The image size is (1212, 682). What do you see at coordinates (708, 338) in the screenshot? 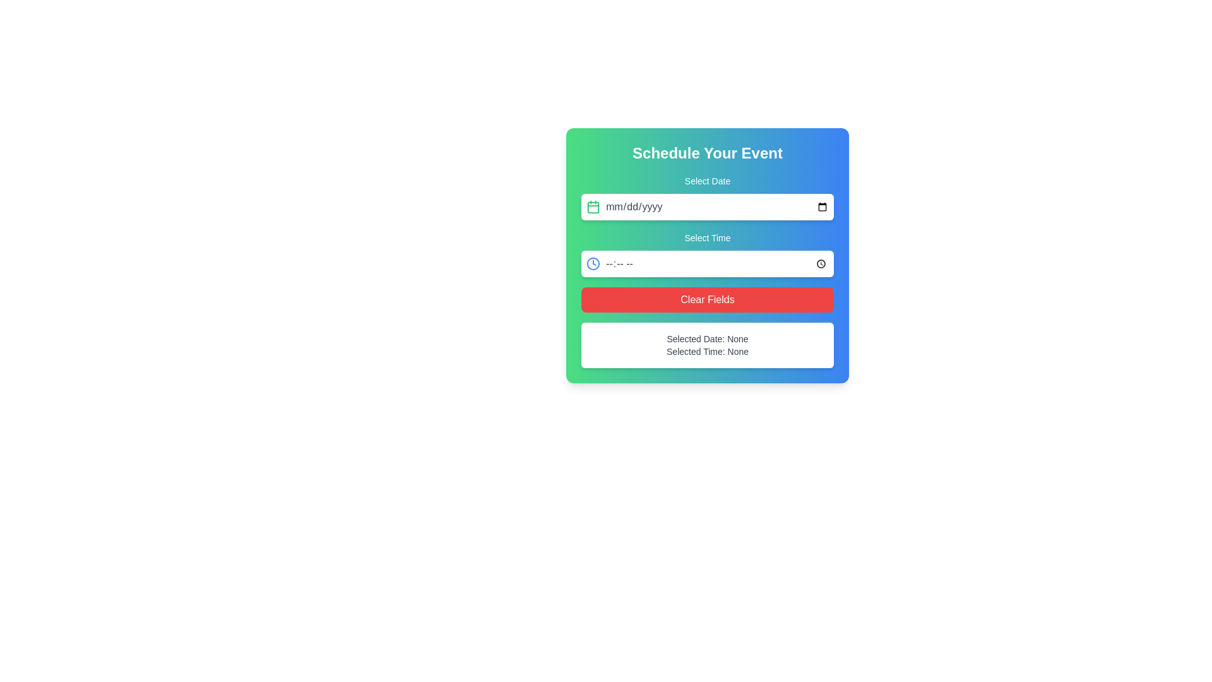
I see `the static text label displaying 'Selected Date: None', which is styled in gray and located within the event scheduling card beneath the 'Clear Fields' button` at bounding box center [708, 338].